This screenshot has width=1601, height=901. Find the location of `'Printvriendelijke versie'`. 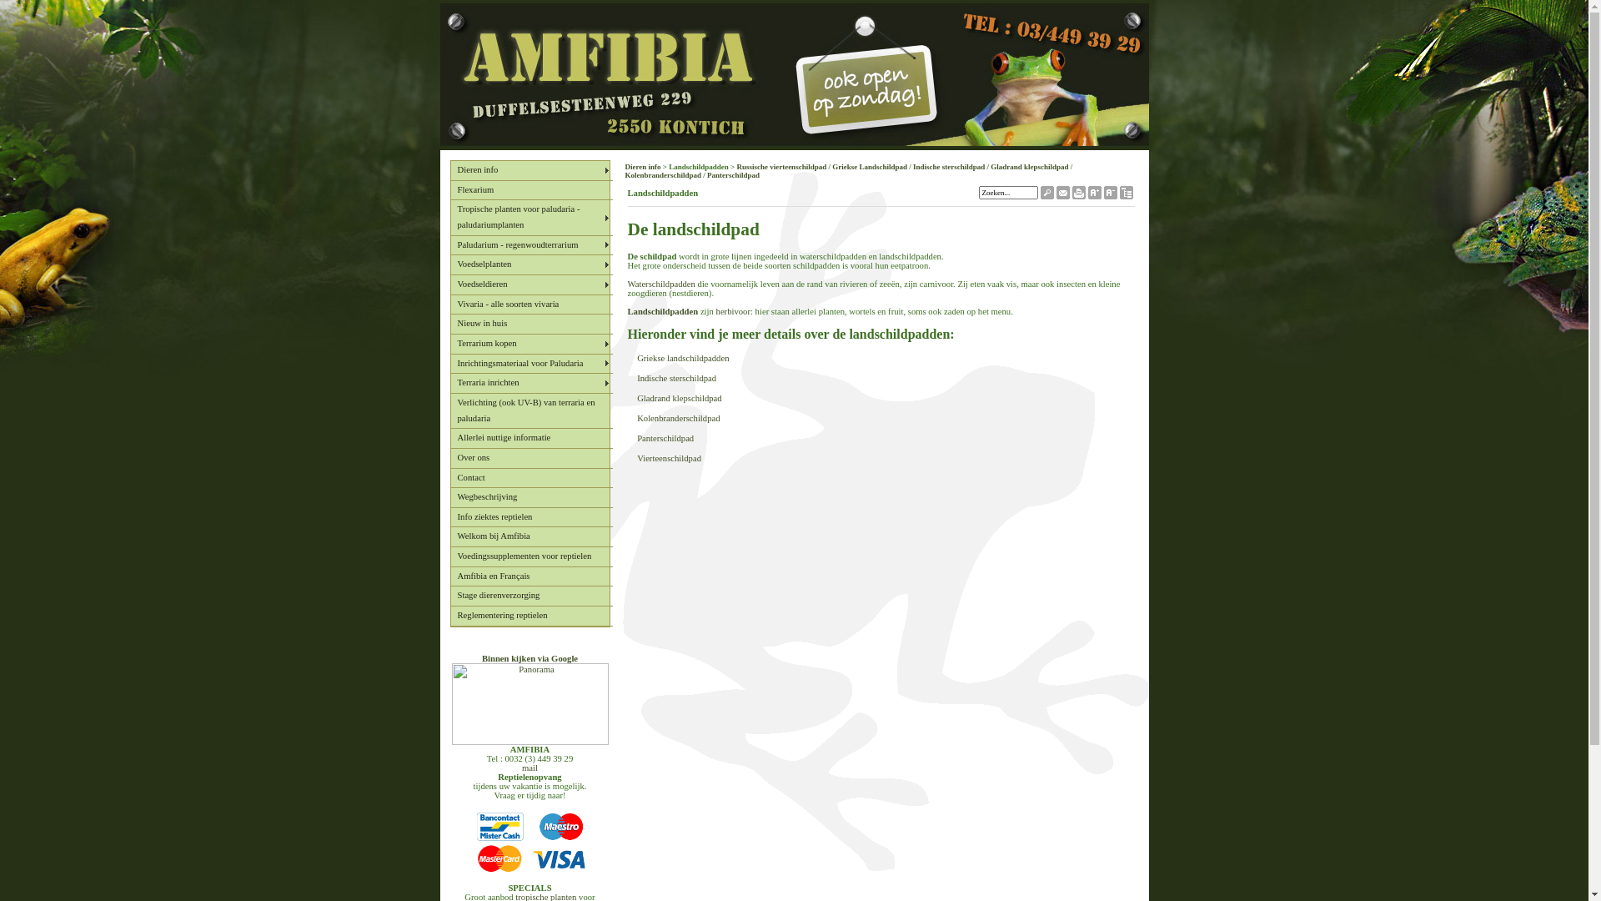

'Printvriendelijke versie' is located at coordinates (1079, 194).